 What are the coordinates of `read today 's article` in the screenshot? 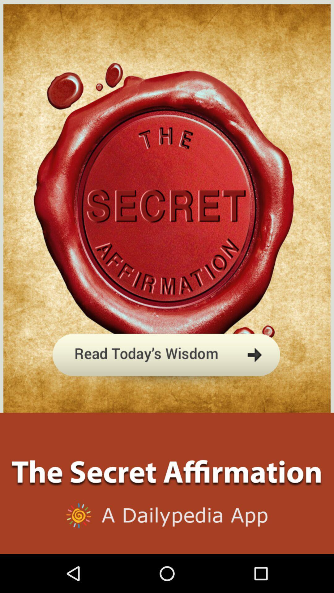 It's located at (166, 384).